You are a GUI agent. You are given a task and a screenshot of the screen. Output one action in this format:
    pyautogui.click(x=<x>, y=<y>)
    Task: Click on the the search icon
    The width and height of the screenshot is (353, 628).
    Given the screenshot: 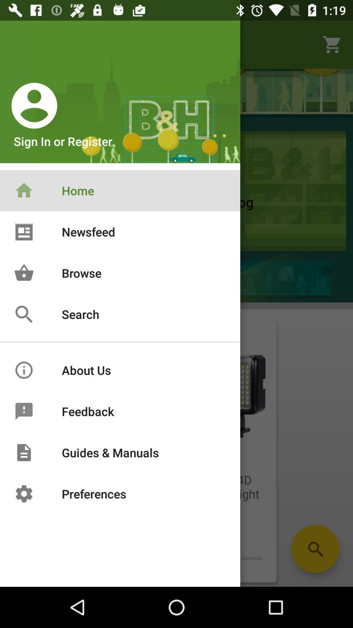 What is the action you would take?
    pyautogui.click(x=315, y=549)
    